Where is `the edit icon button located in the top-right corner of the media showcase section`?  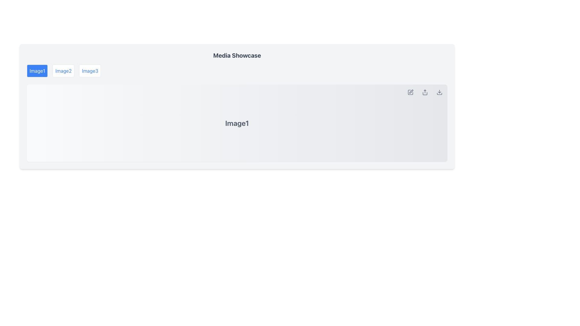
the edit icon button located in the top-right corner of the media showcase section is located at coordinates (410, 92).